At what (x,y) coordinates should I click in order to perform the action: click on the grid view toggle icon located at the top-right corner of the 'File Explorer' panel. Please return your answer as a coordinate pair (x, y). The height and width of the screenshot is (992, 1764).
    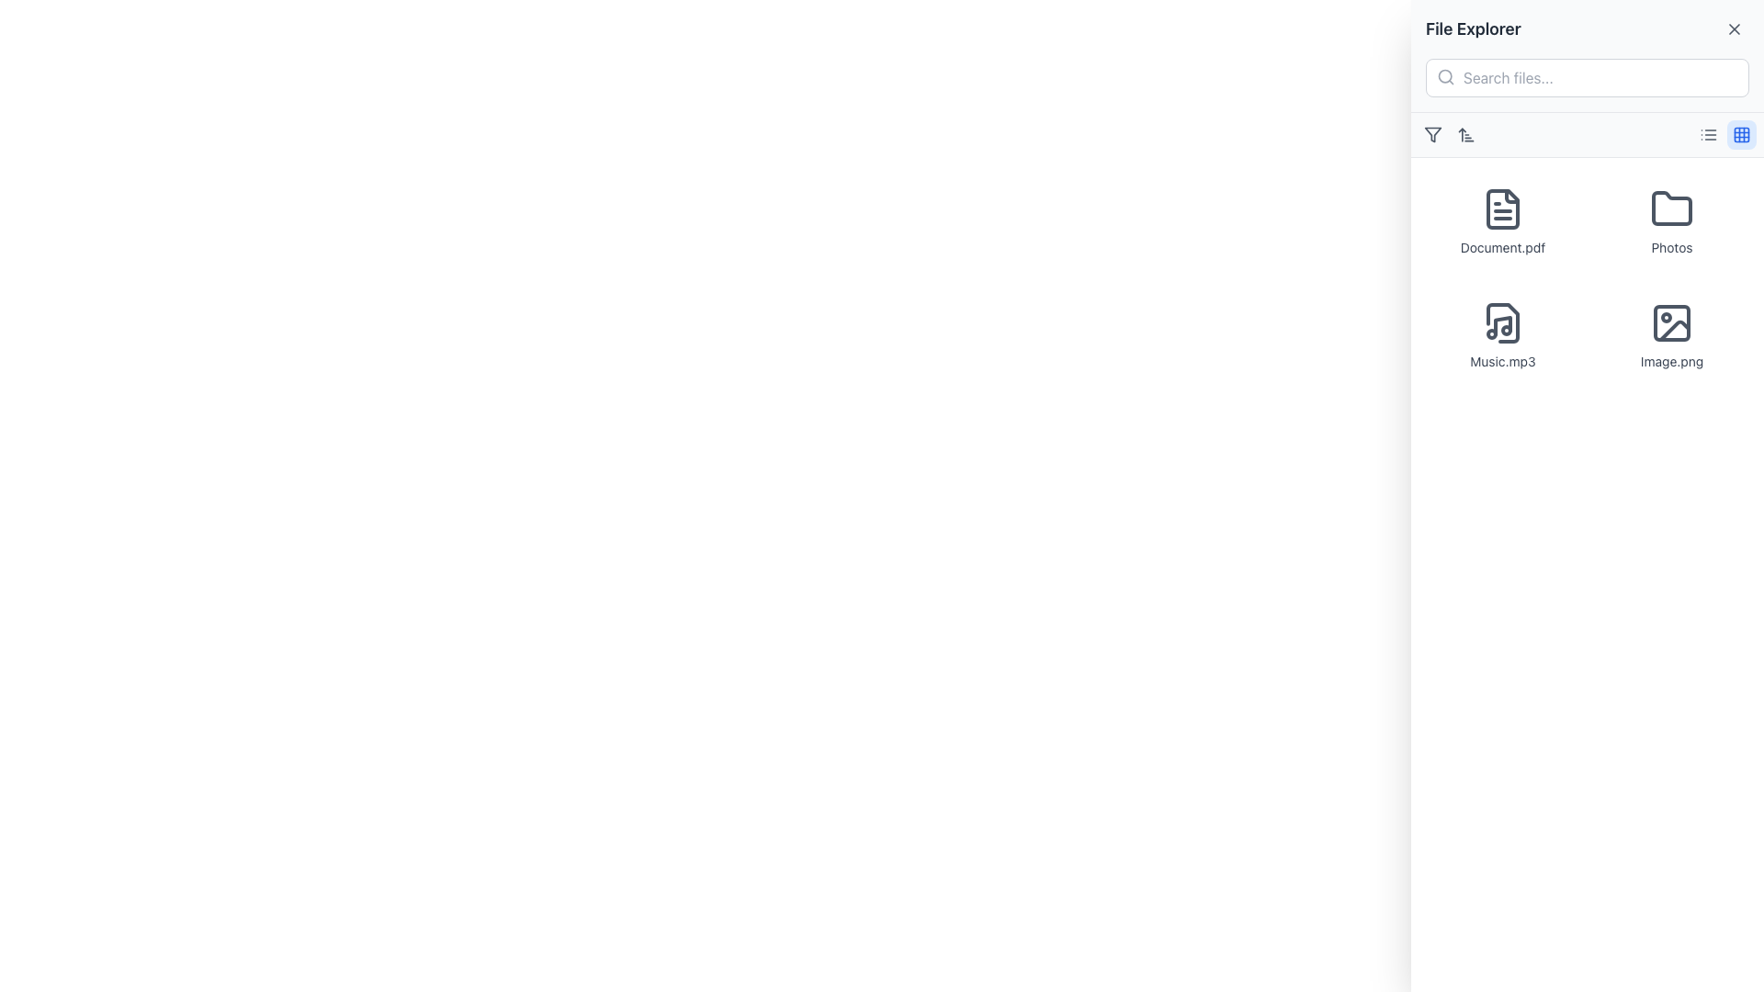
    Looking at the image, I should click on (1741, 133).